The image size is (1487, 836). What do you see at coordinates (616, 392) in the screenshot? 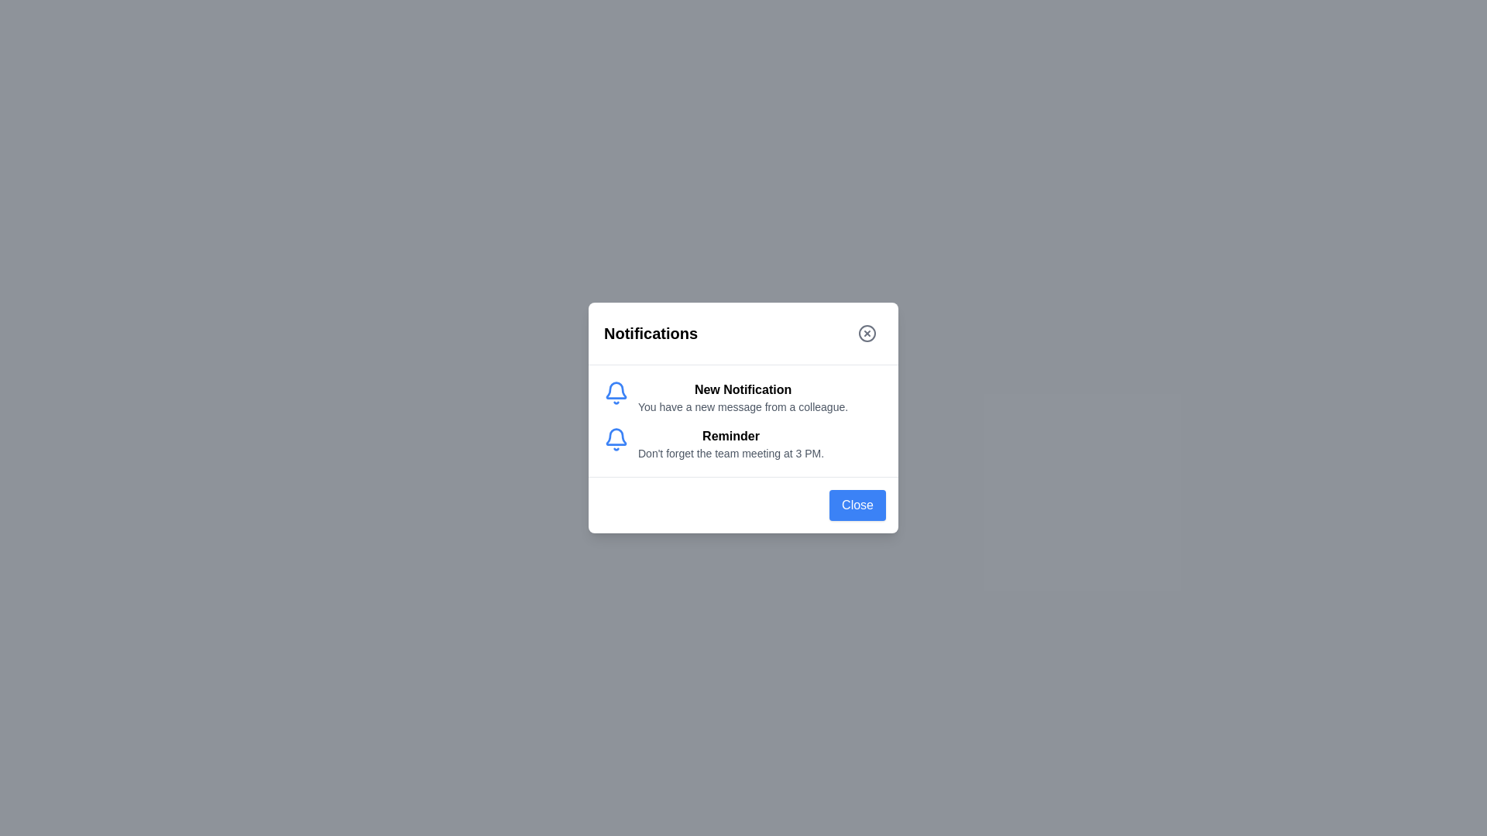
I see `the blue bell icon located to the left of the 'New Notification' text section in the notification popup` at bounding box center [616, 392].